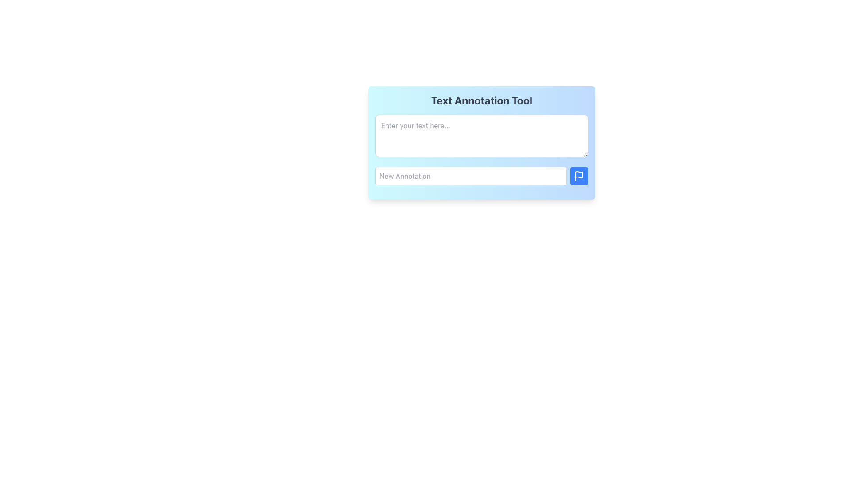 The height and width of the screenshot is (478, 851). I want to click on the flag icon located inside the rounded blue button at the right end of the 'New Annotation' input field, so click(579, 176).